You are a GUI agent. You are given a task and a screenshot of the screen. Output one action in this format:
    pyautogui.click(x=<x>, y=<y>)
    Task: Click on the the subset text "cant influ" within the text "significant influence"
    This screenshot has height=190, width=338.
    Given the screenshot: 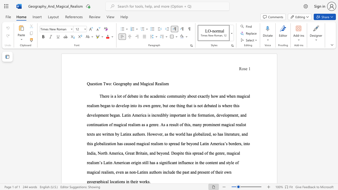 What is the action you would take?
    pyautogui.click(x=170, y=162)
    